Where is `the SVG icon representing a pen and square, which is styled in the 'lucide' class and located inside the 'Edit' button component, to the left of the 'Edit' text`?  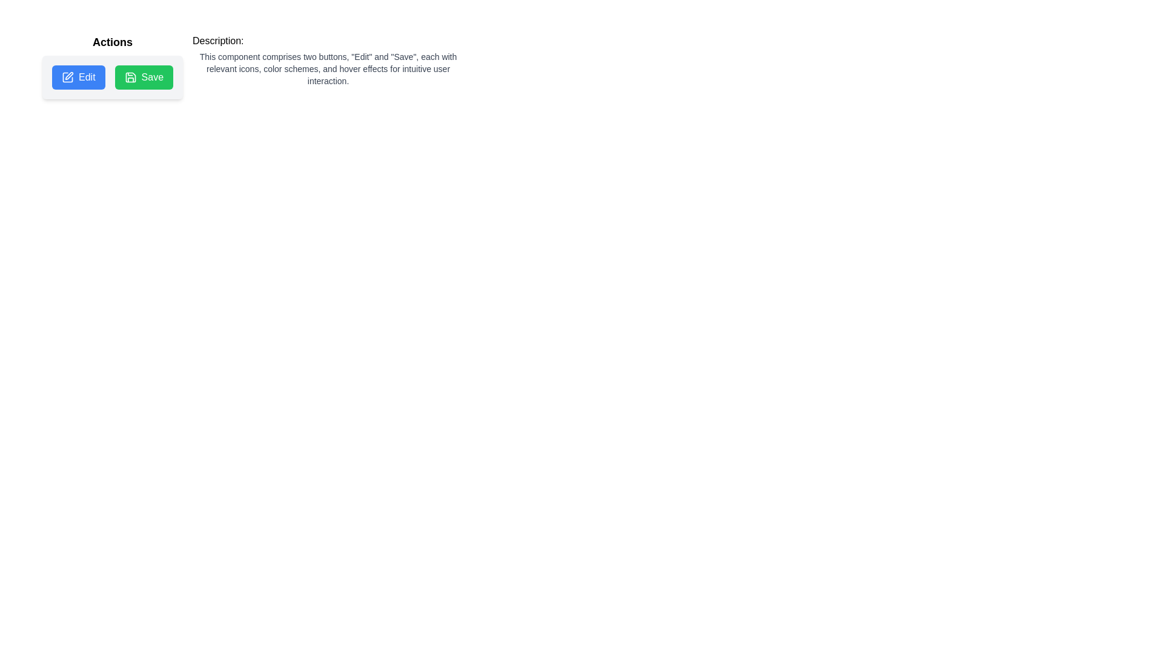
the SVG icon representing a pen and square, which is styled in the 'lucide' class and located inside the 'Edit' button component, to the left of the 'Edit' text is located at coordinates (67, 77).